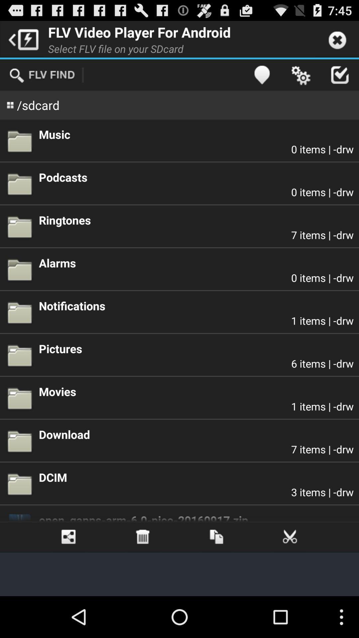  Describe the element at coordinates (196, 134) in the screenshot. I see `the music` at that location.